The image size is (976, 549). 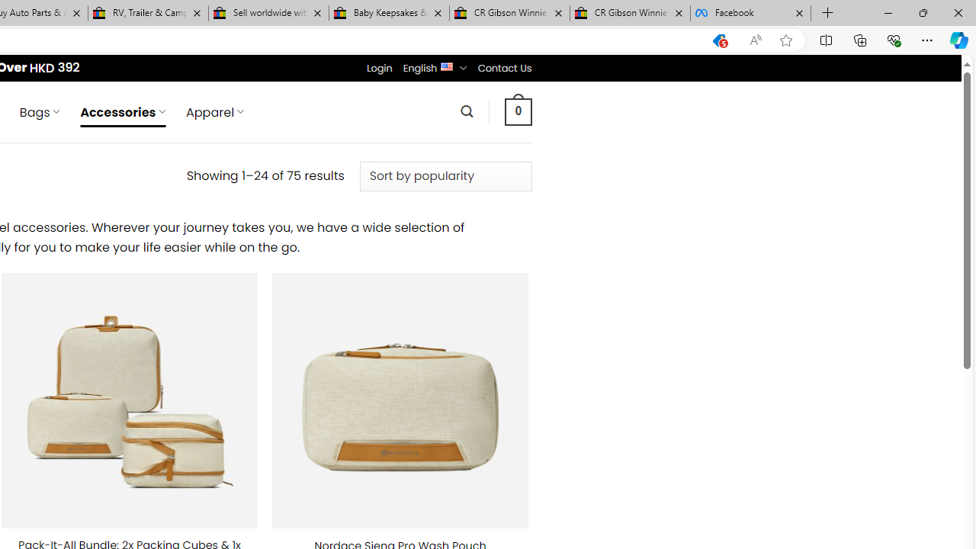 What do you see at coordinates (268, 13) in the screenshot?
I see `'Sell worldwide with eBay'` at bounding box center [268, 13].